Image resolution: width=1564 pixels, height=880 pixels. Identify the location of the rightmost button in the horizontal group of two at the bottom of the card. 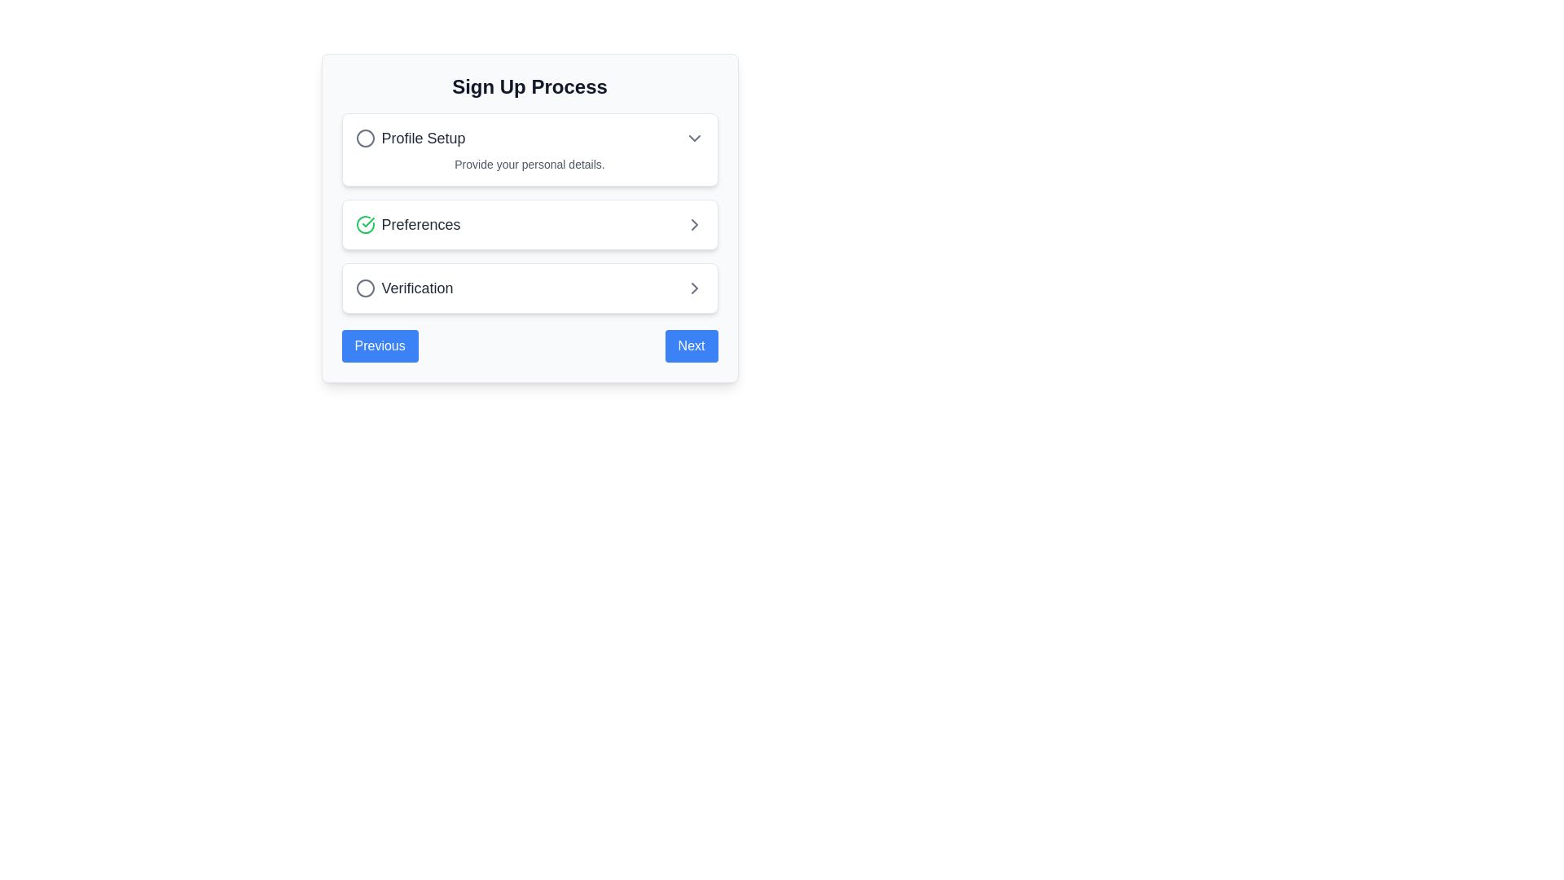
(692, 345).